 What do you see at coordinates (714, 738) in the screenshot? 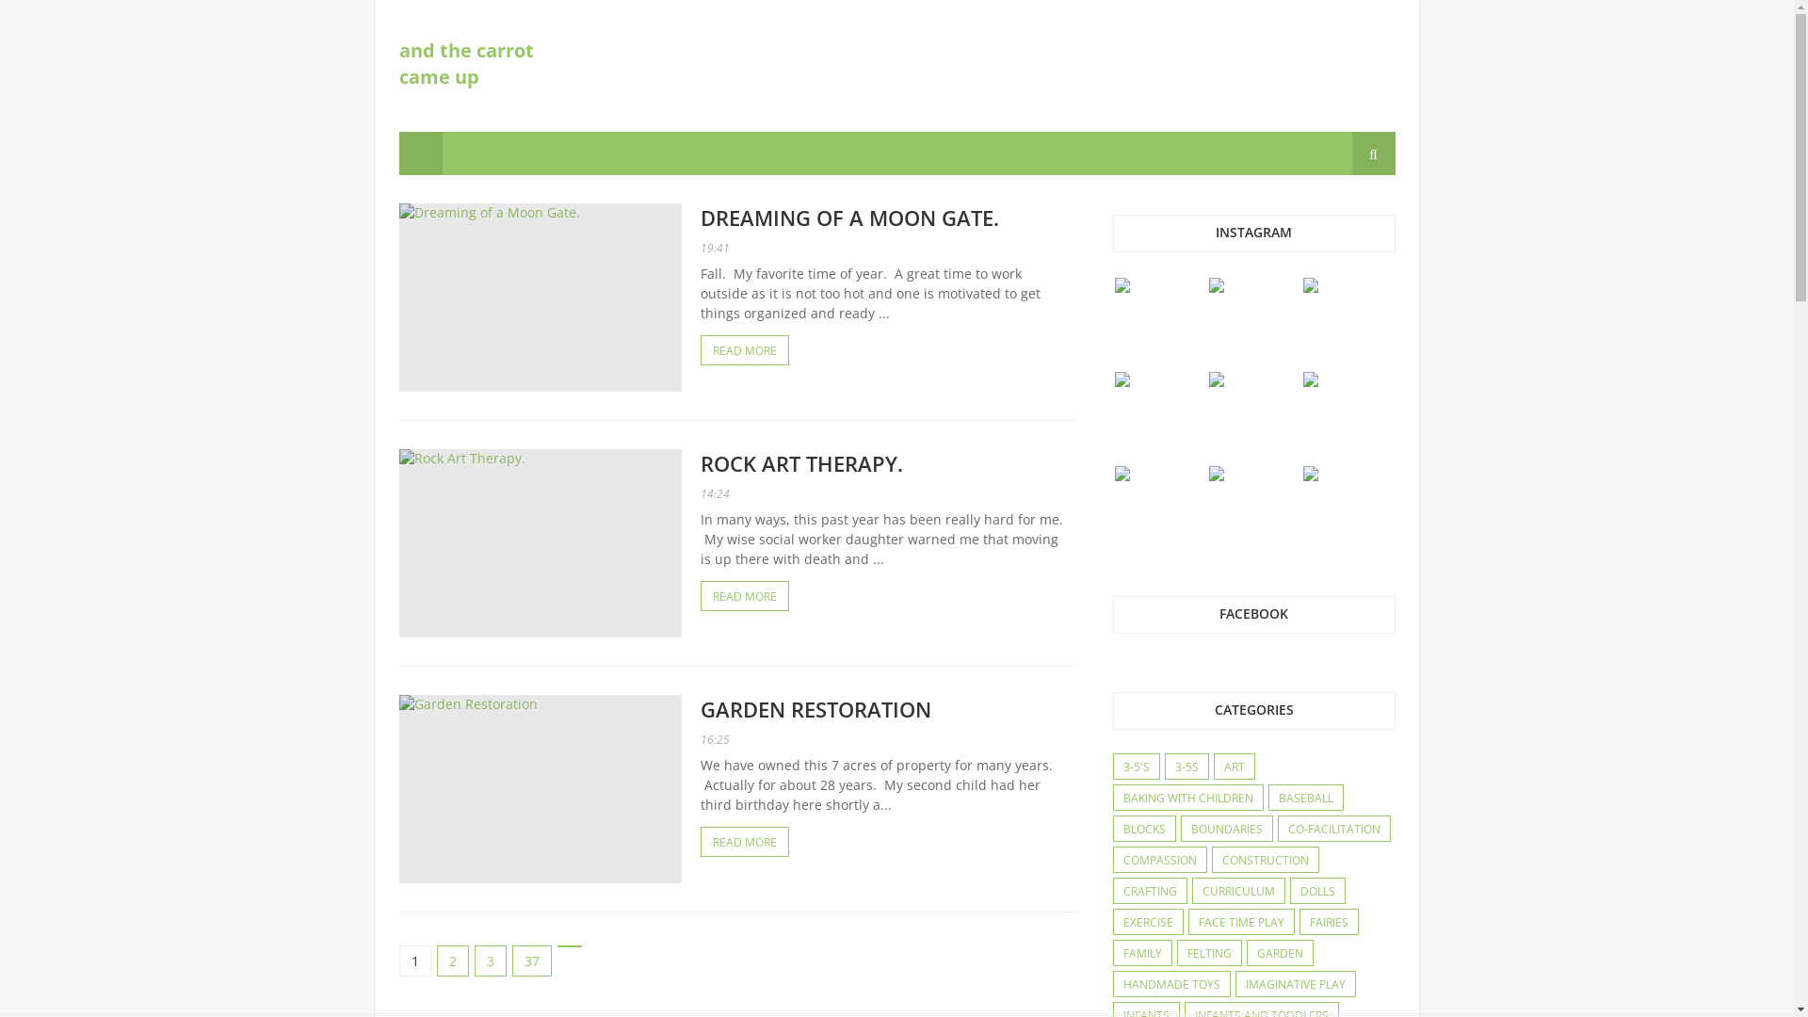
I see `'16:25'` at bounding box center [714, 738].